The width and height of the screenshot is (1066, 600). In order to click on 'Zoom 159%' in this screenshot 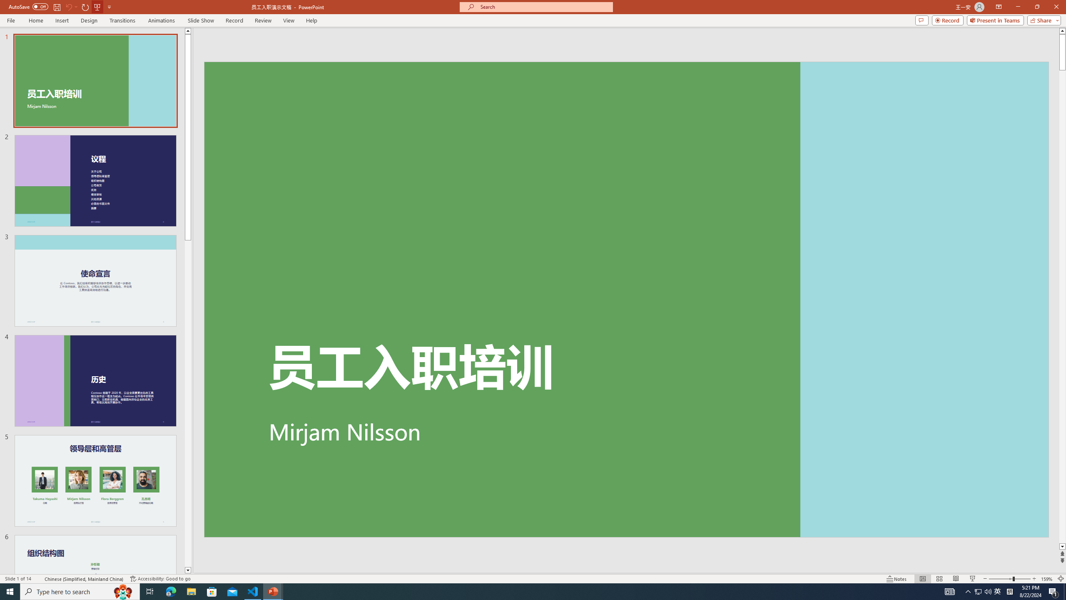, I will do `click(1047, 579)`.